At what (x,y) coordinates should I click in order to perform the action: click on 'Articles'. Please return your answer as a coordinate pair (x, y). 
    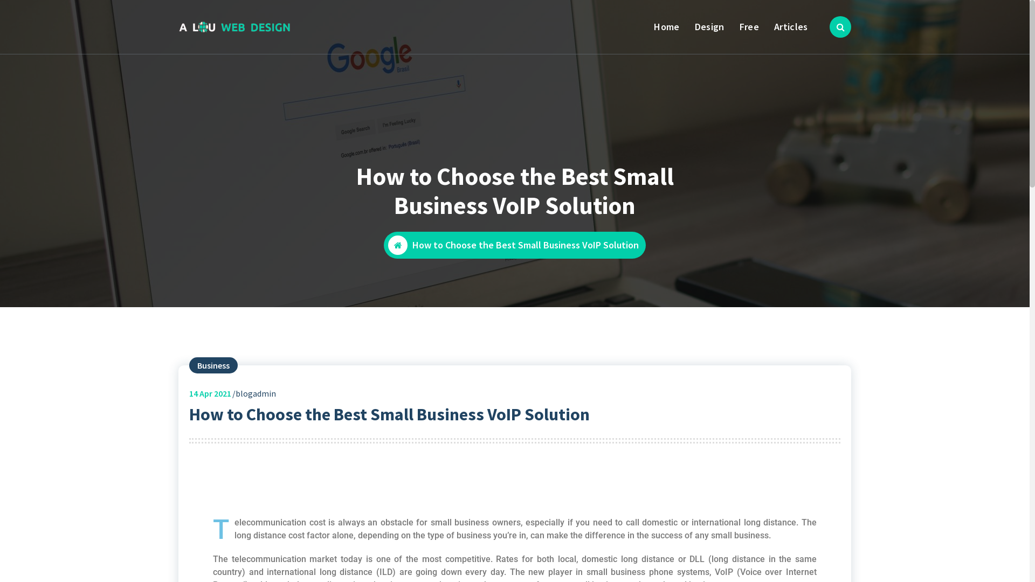
    Looking at the image, I should click on (765, 26).